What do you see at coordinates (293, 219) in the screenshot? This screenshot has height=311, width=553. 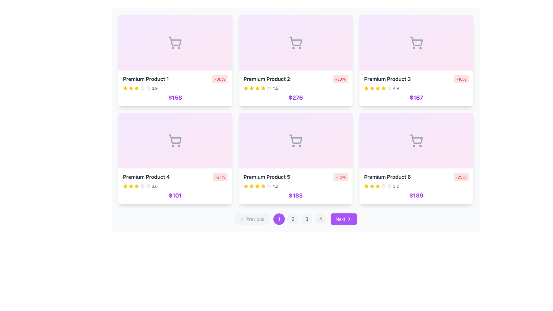 I see `the circular button labeled '2' for keyboard navigation` at bounding box center [293, 219].